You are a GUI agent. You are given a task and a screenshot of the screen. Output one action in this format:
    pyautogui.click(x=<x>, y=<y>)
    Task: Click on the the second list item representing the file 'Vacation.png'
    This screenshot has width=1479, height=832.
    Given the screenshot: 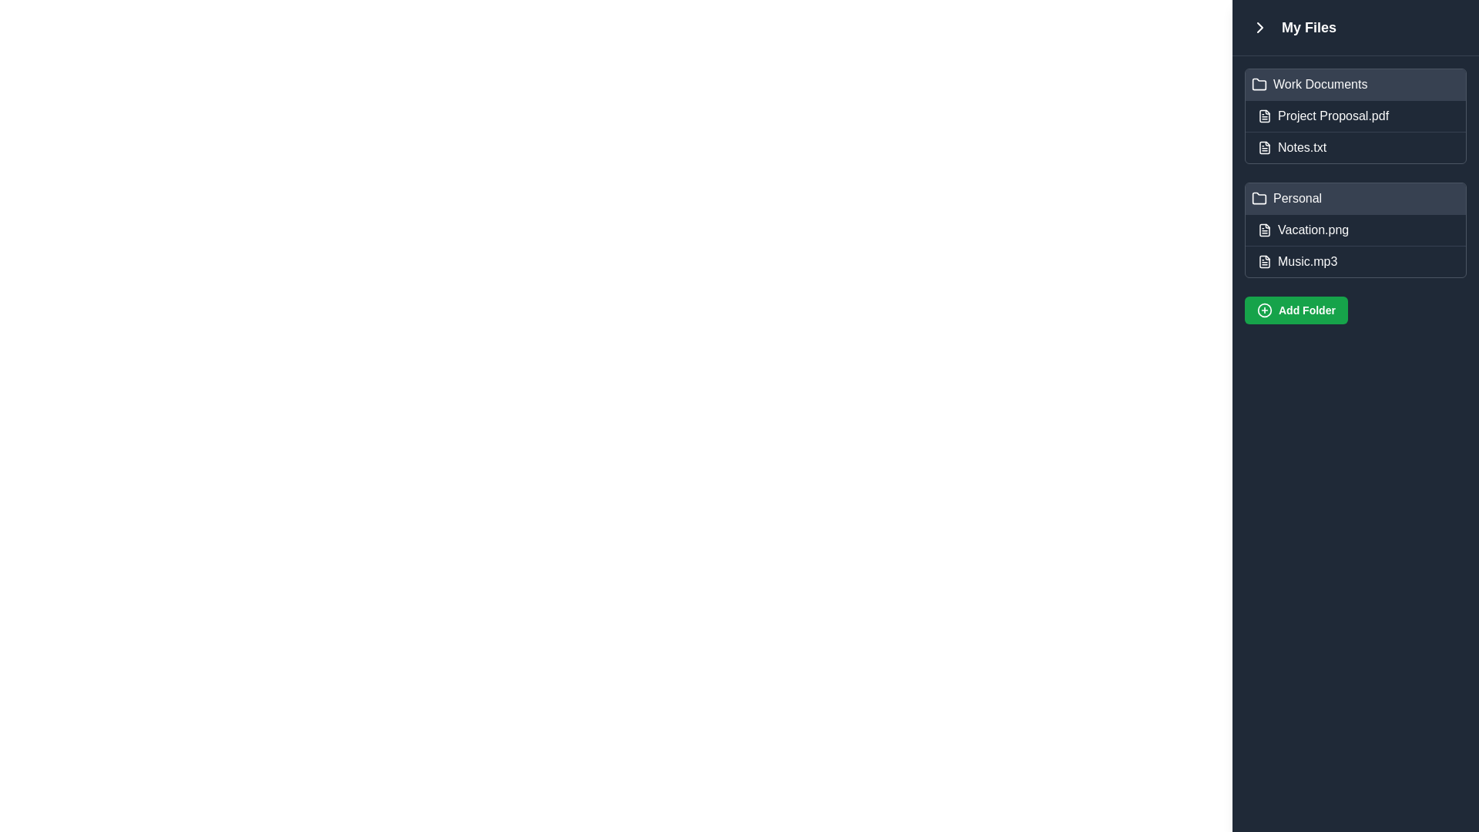 What is the action you would take?
    pyautogui.click(x=1356, y=229)
    